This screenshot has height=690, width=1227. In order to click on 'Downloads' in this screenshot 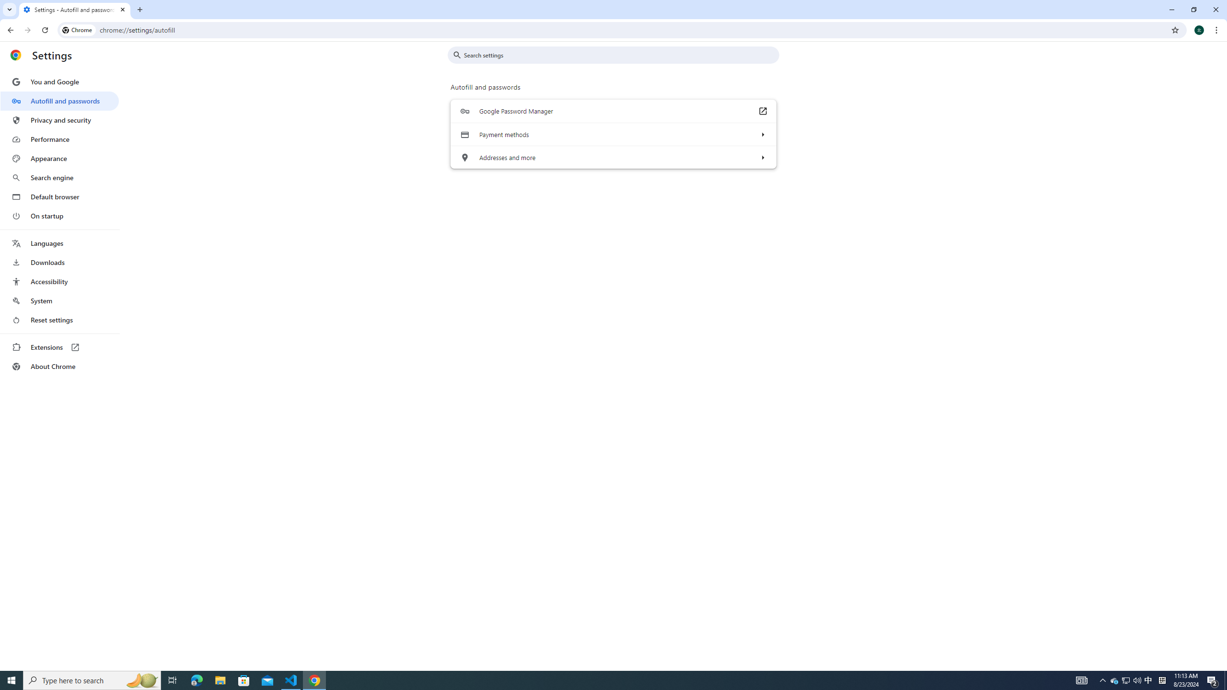, I will do `click(59, 262)`.